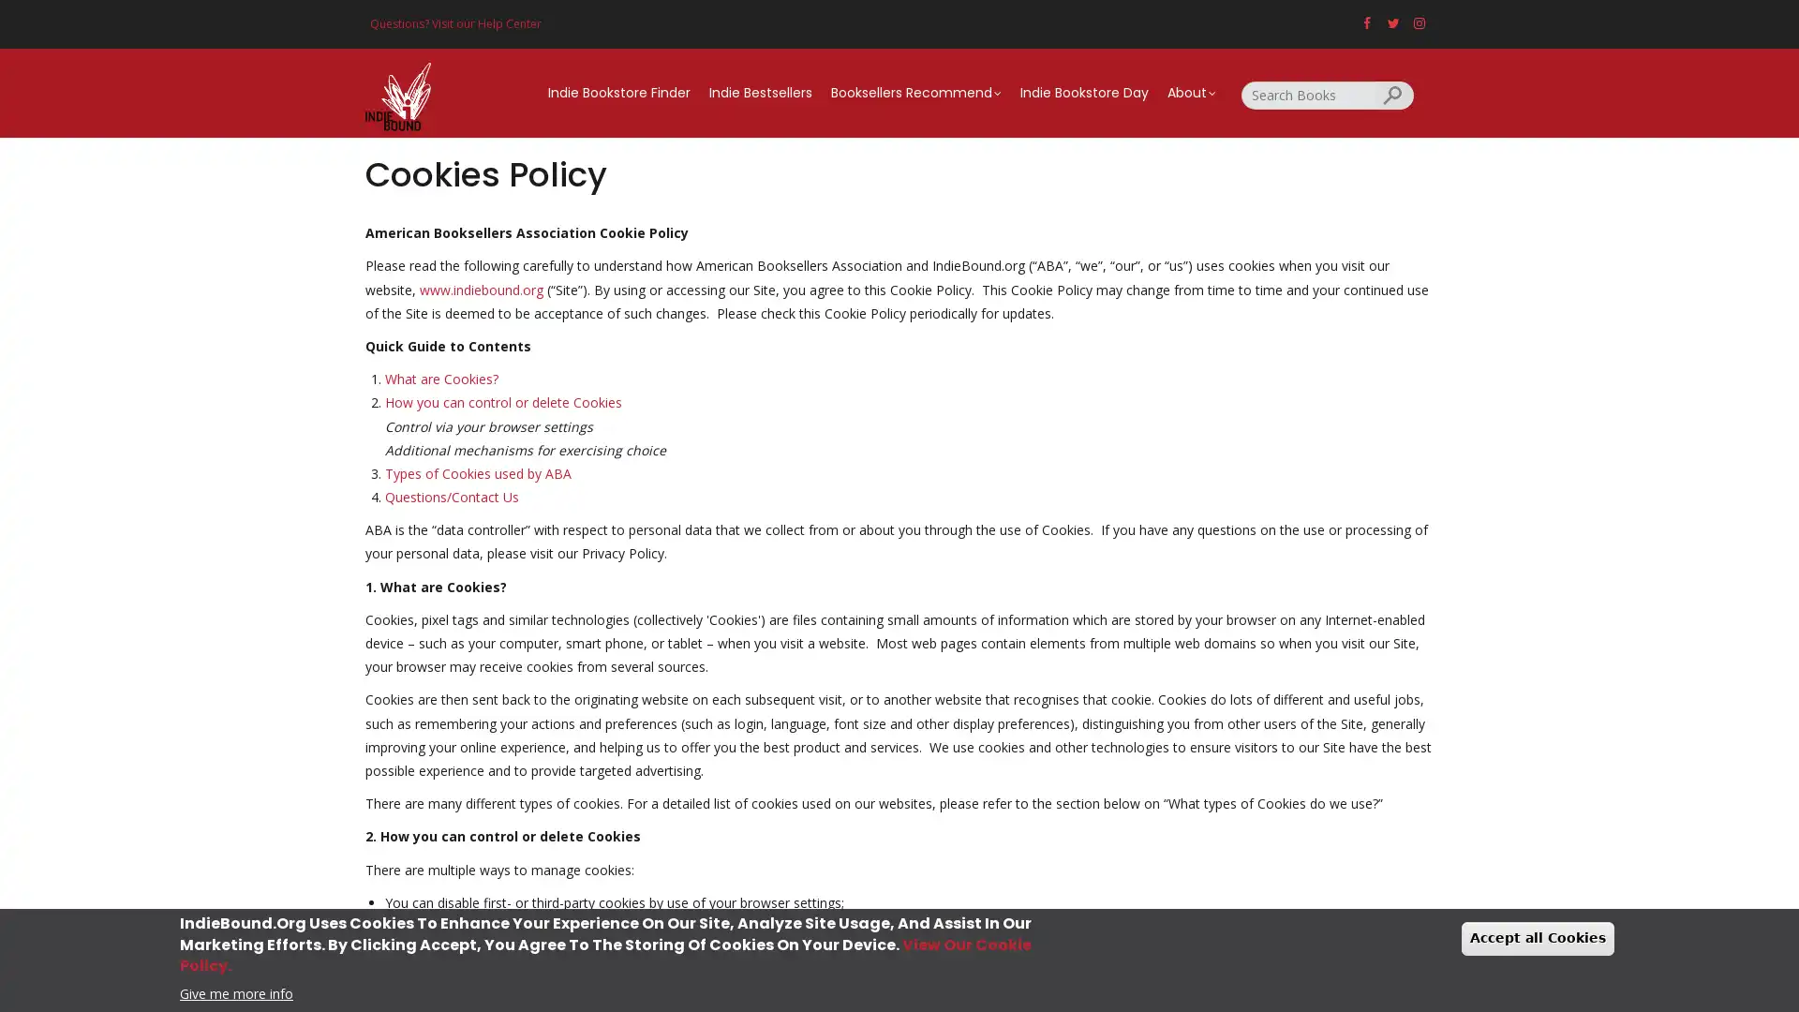  Describe the element at coordinates (1538, 938) in the screenshot. I see `Accept all Cookies` at that location.